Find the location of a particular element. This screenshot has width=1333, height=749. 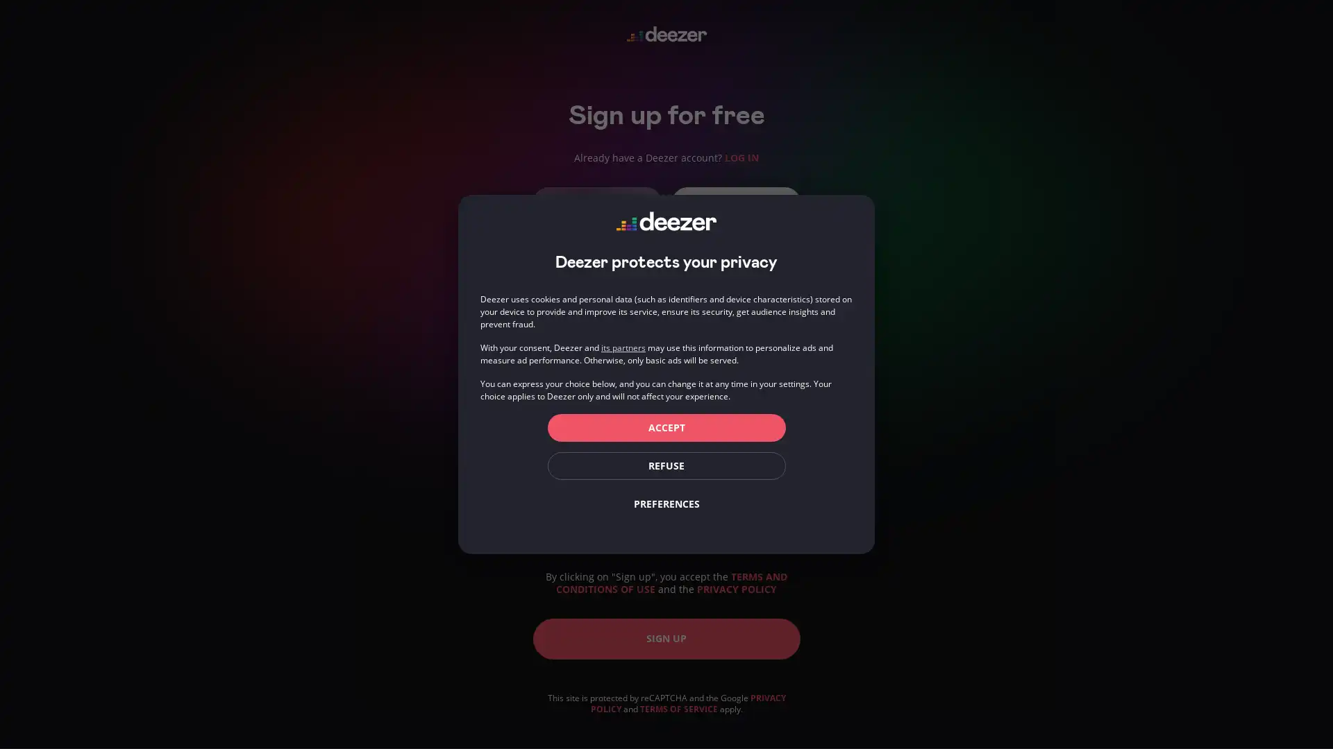

GOOGLE is located at coordinates (735, 201).